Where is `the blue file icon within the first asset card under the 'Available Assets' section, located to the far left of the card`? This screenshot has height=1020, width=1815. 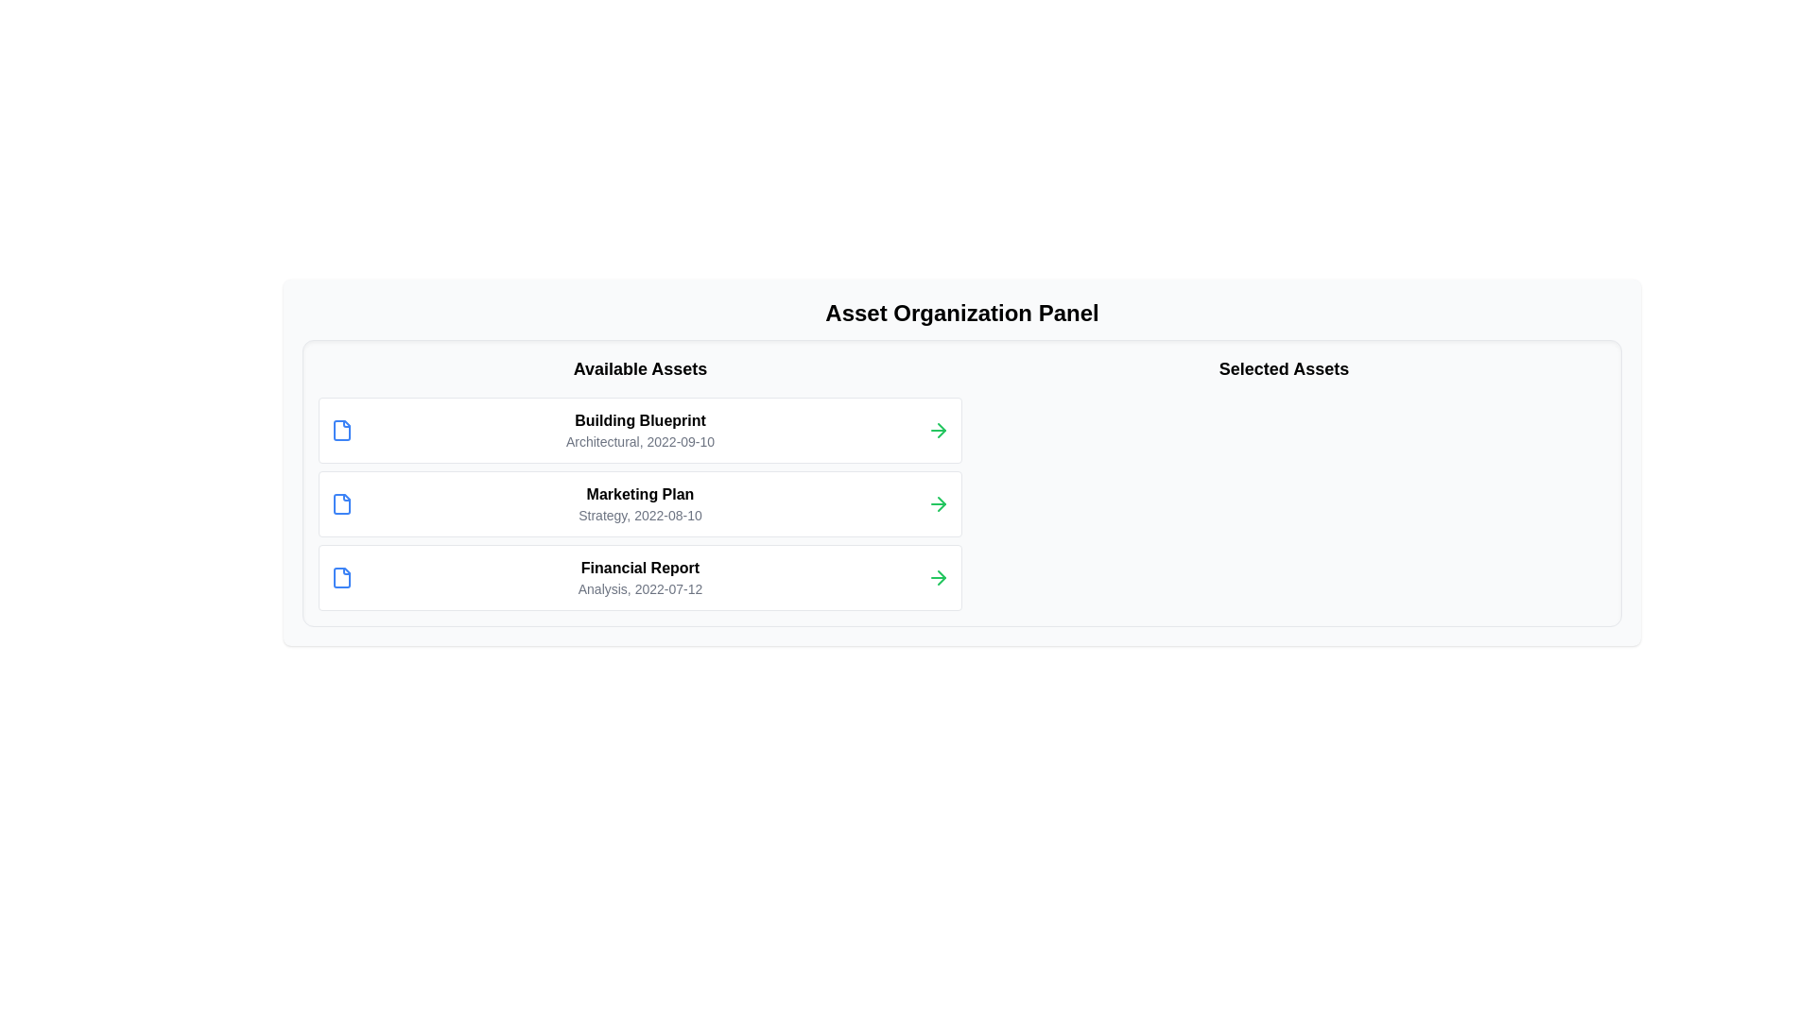 the blue file icon within the first asset card under the 'Available Assets' section, located to the far left of the card is located at coordinates (341, 430).